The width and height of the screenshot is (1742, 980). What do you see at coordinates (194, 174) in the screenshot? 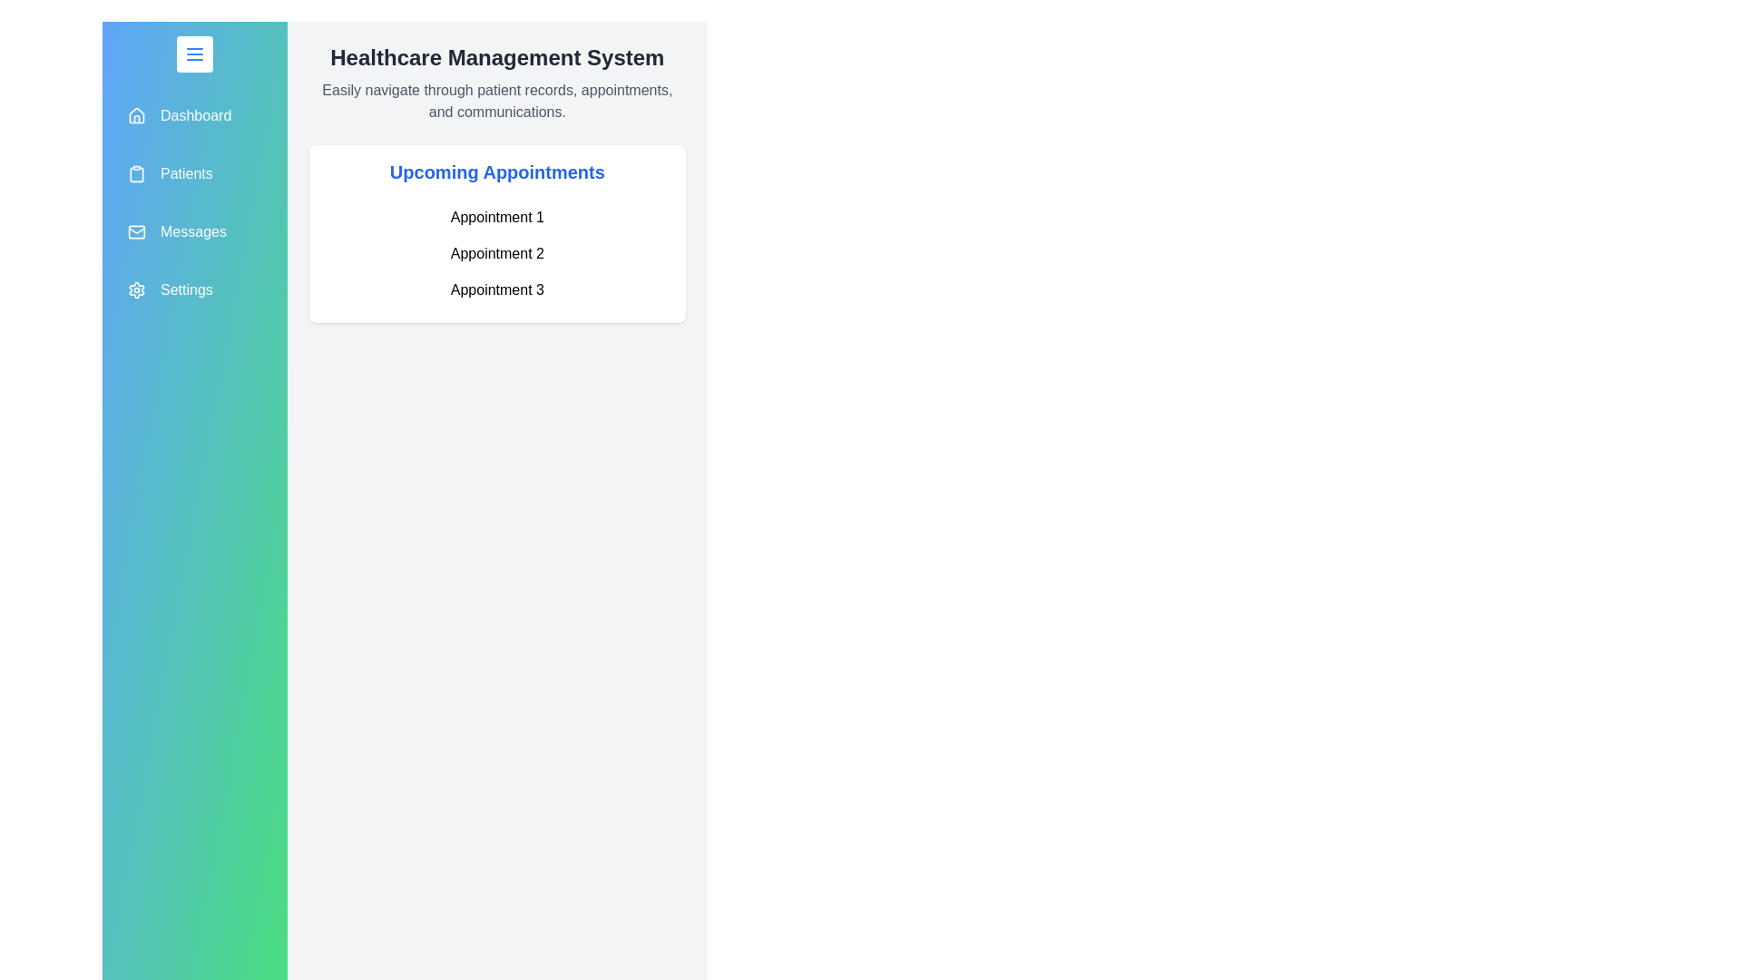
I see `the navigation item labeled Patients` at bounding box center [194, 174].